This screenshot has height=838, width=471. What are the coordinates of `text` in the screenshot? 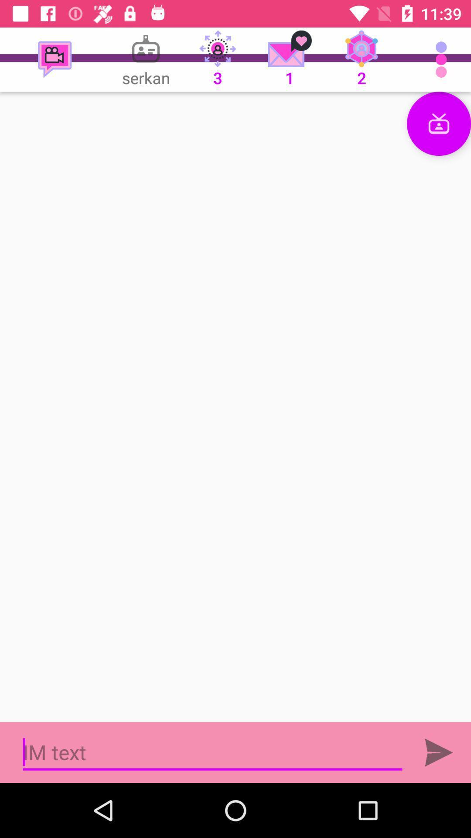 It's located at (212, 752).